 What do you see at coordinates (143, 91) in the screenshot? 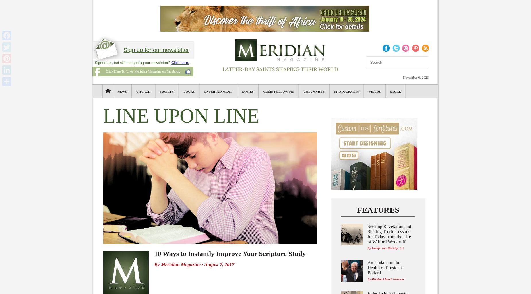
I see `'Church'` at bounding box center [143, 91].